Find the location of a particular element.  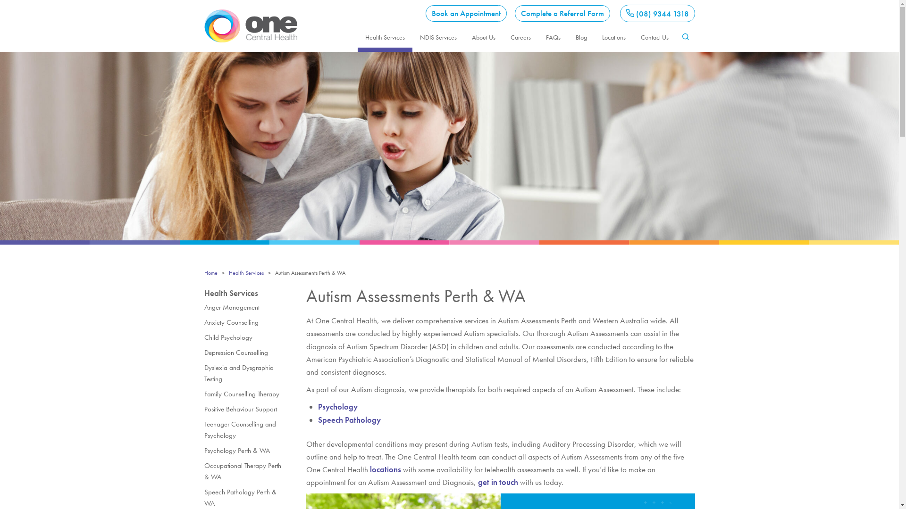

'get in touch' is located at coordinates (497, 482).